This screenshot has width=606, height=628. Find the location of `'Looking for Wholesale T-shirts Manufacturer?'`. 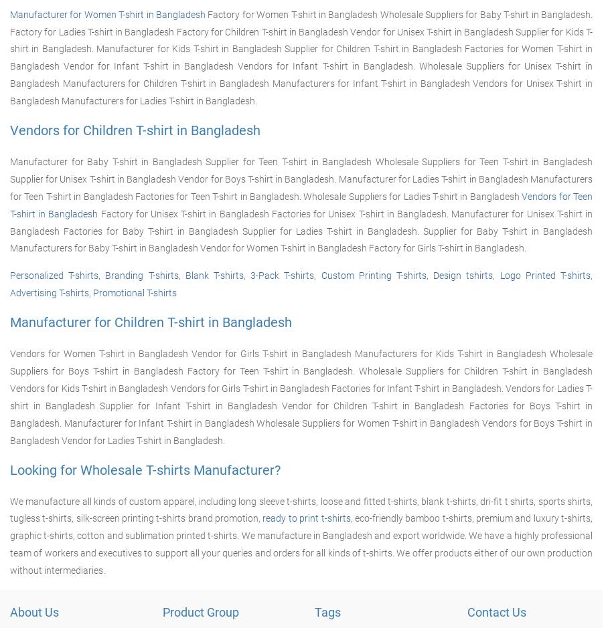

'Looking for Wholesale T-shirts Manufacturer?' is located at coordinates (9, 468).